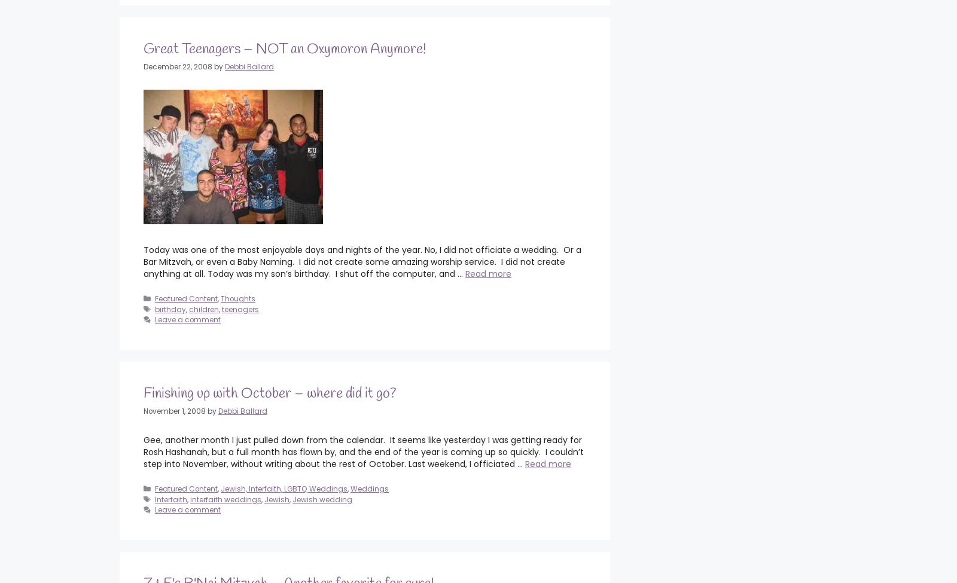  I want to click on 'Weddings', so click(369, 488).